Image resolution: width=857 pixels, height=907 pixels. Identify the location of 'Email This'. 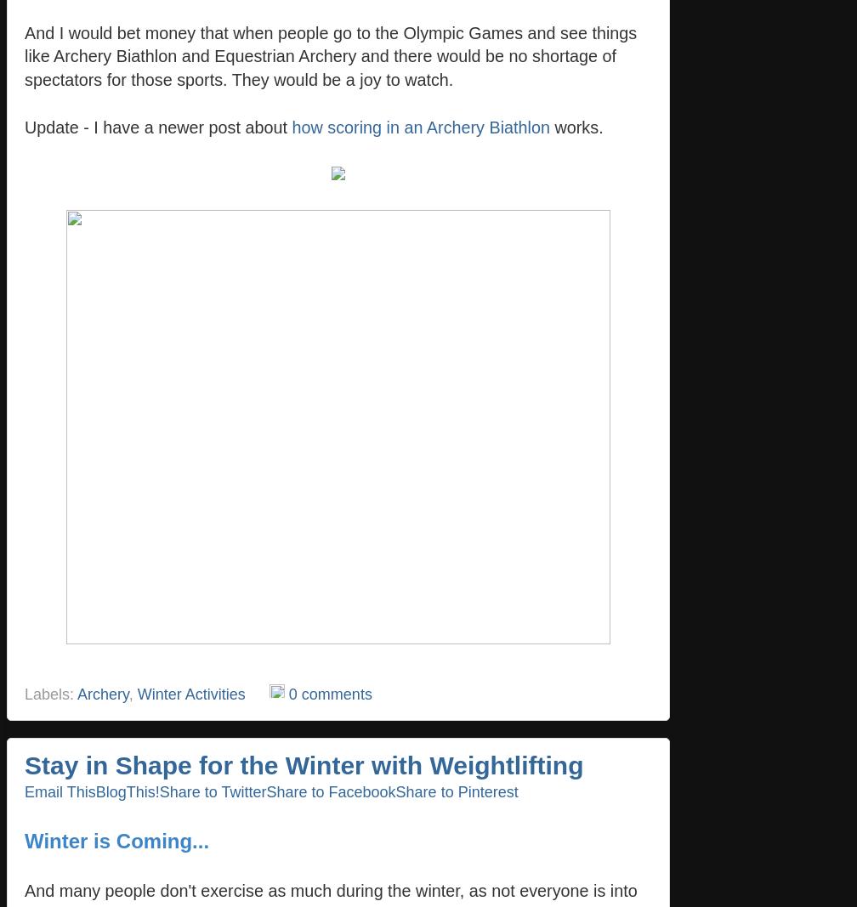
(60, 791).